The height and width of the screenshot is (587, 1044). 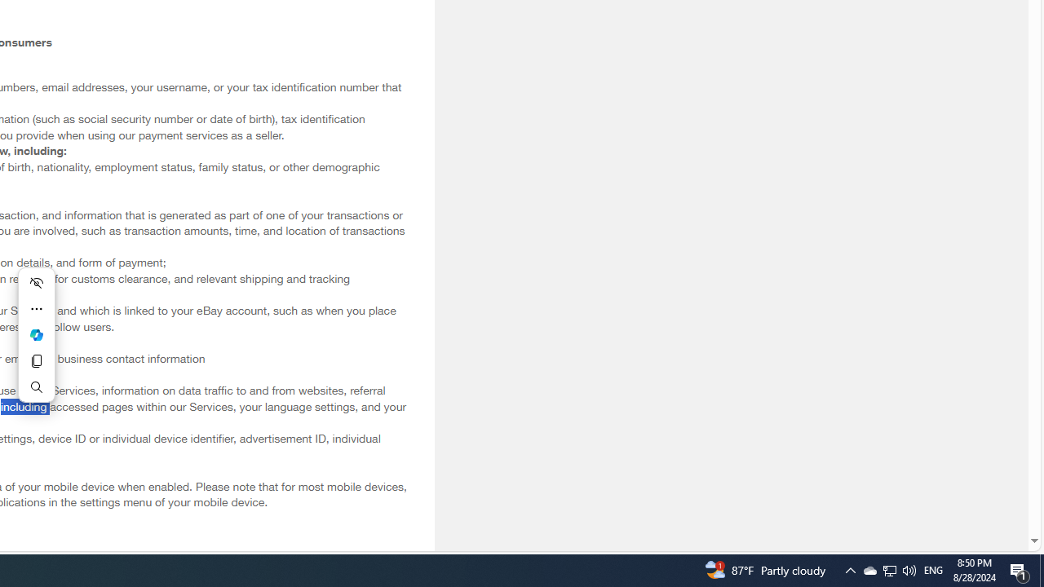 What do you see at coordinates (36, 309) in the screenshot?
I see `'More actions'` at bounding box center [36, 309].